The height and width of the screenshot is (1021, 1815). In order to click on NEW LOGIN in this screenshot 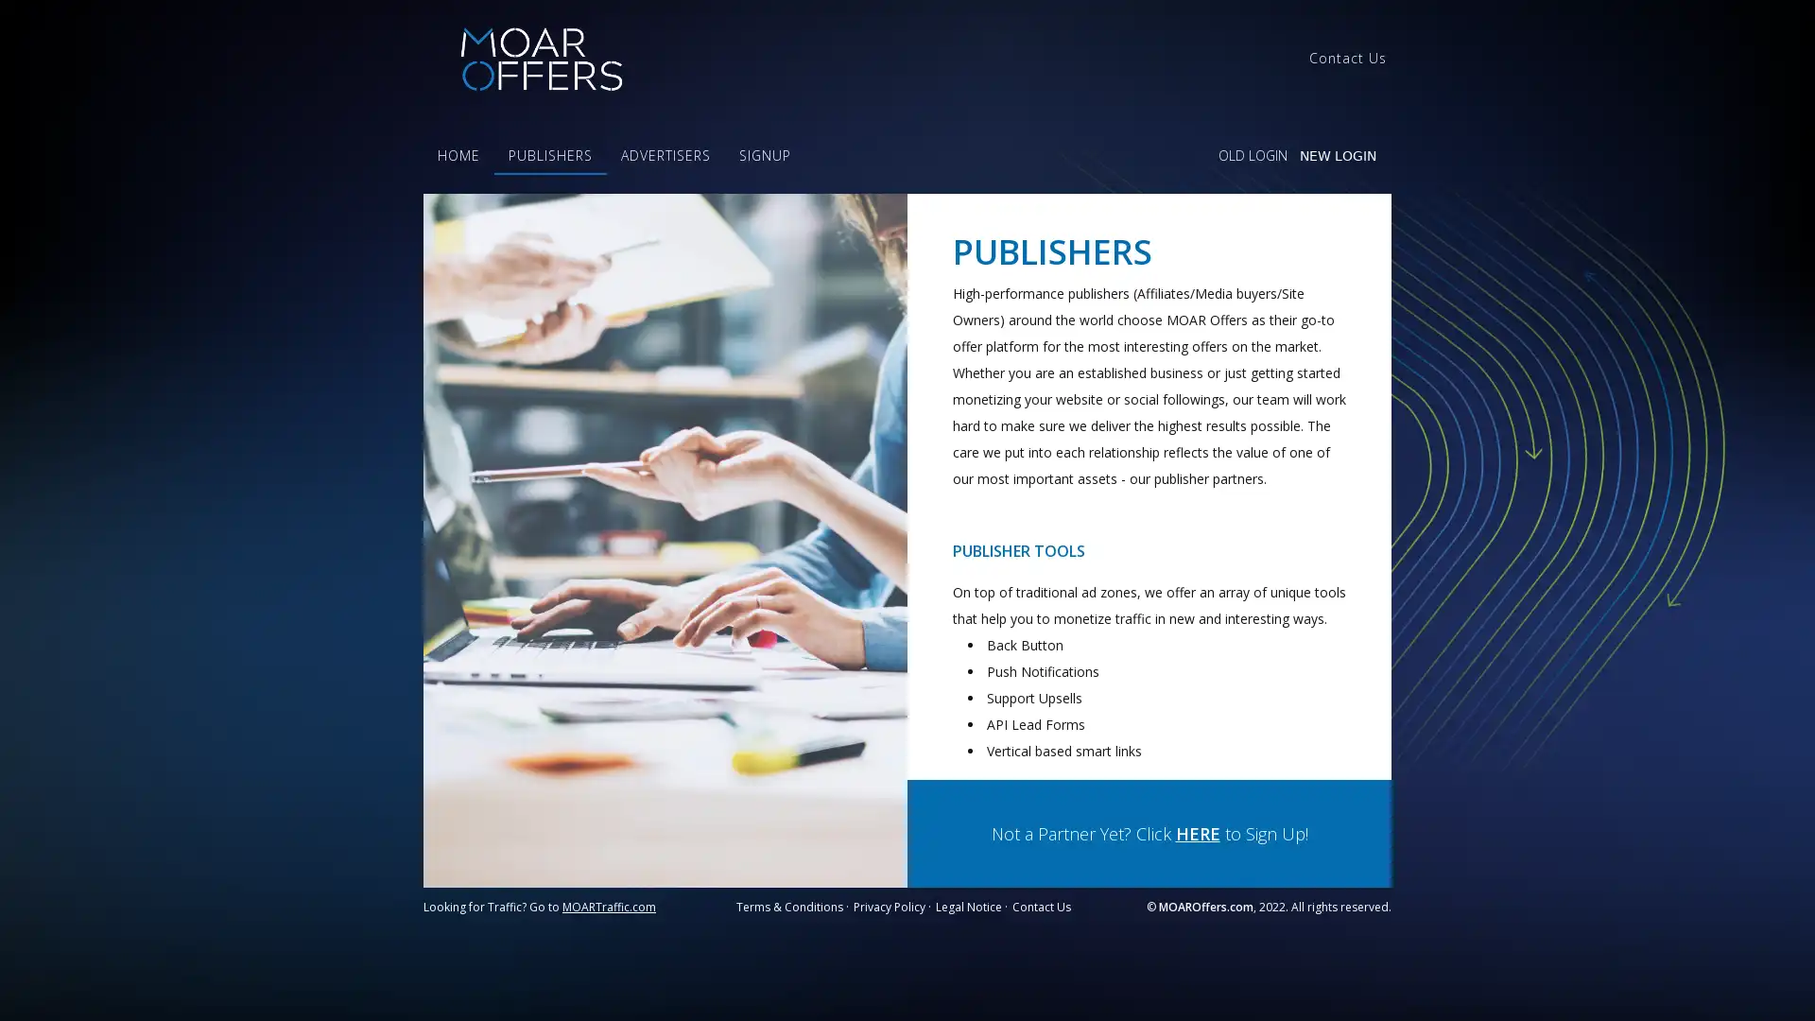, I will do `click(1337, 155)`.